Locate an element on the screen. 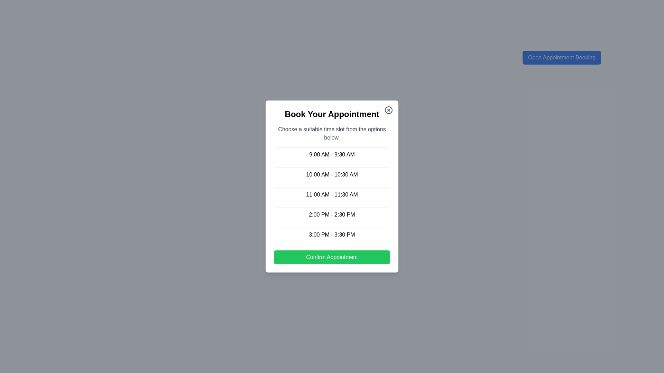 The image size is (664, 373). the text label that serves as a title for booking an appointment, positioned at the top of the card-like section is located at coordinates (332, 114).